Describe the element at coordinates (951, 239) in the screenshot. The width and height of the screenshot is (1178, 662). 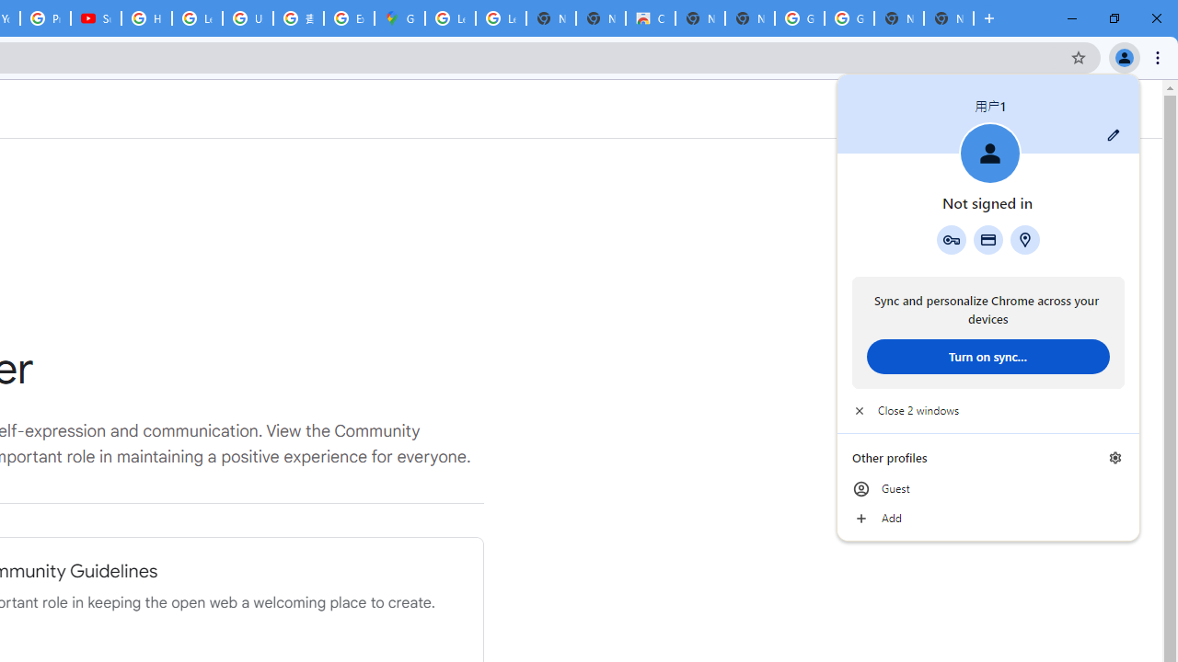
I see `'Google Password Manager'` at that location.